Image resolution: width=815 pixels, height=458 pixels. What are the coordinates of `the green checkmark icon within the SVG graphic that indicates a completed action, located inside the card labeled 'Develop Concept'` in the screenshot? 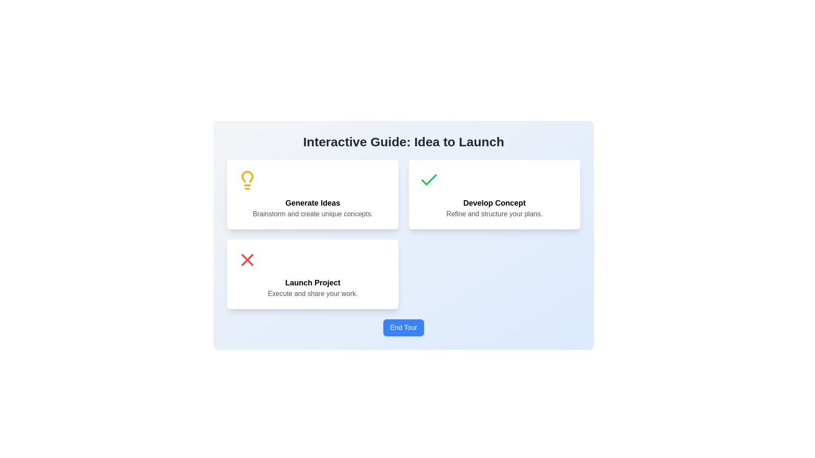 It's located at (429, 179).